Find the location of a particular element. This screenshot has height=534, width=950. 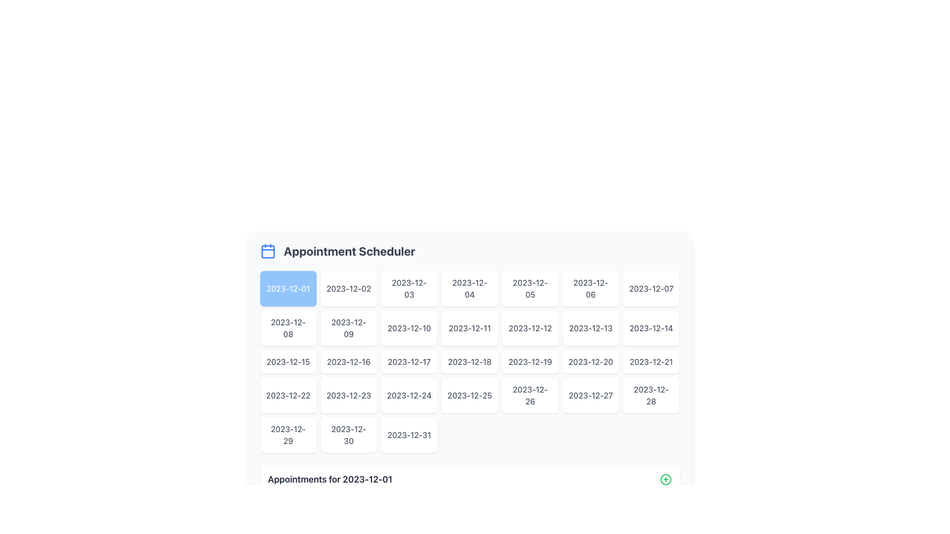

the button displaying the date '2023-12-28' which is located in the last row and sixth column of the grid layout is located at coordinates (651, 395).